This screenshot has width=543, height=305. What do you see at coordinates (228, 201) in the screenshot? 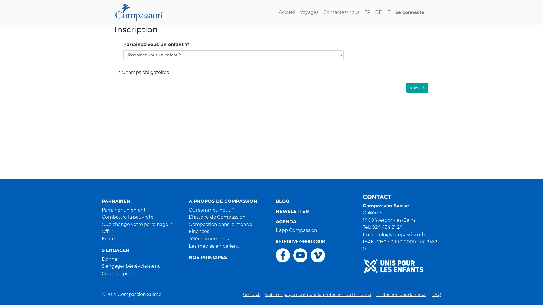
I see `'A PROPOS DE COMPASSION'` at bounding box center [228, 201].